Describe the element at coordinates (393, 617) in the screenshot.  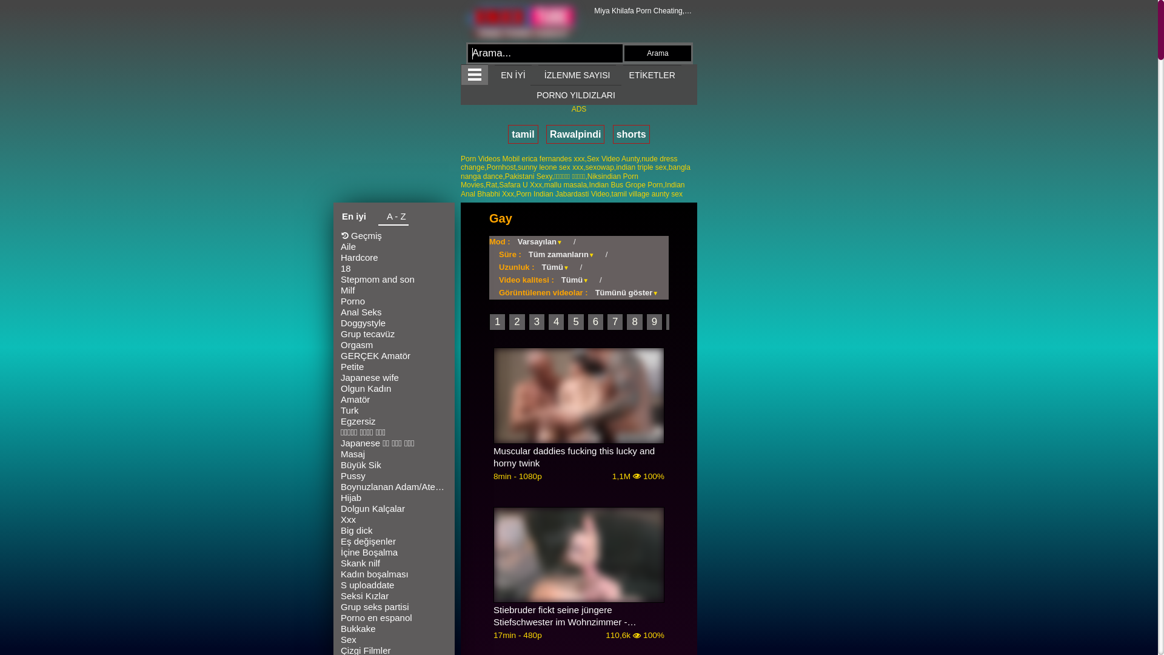
I see `'Porno en espanol'` at that location.